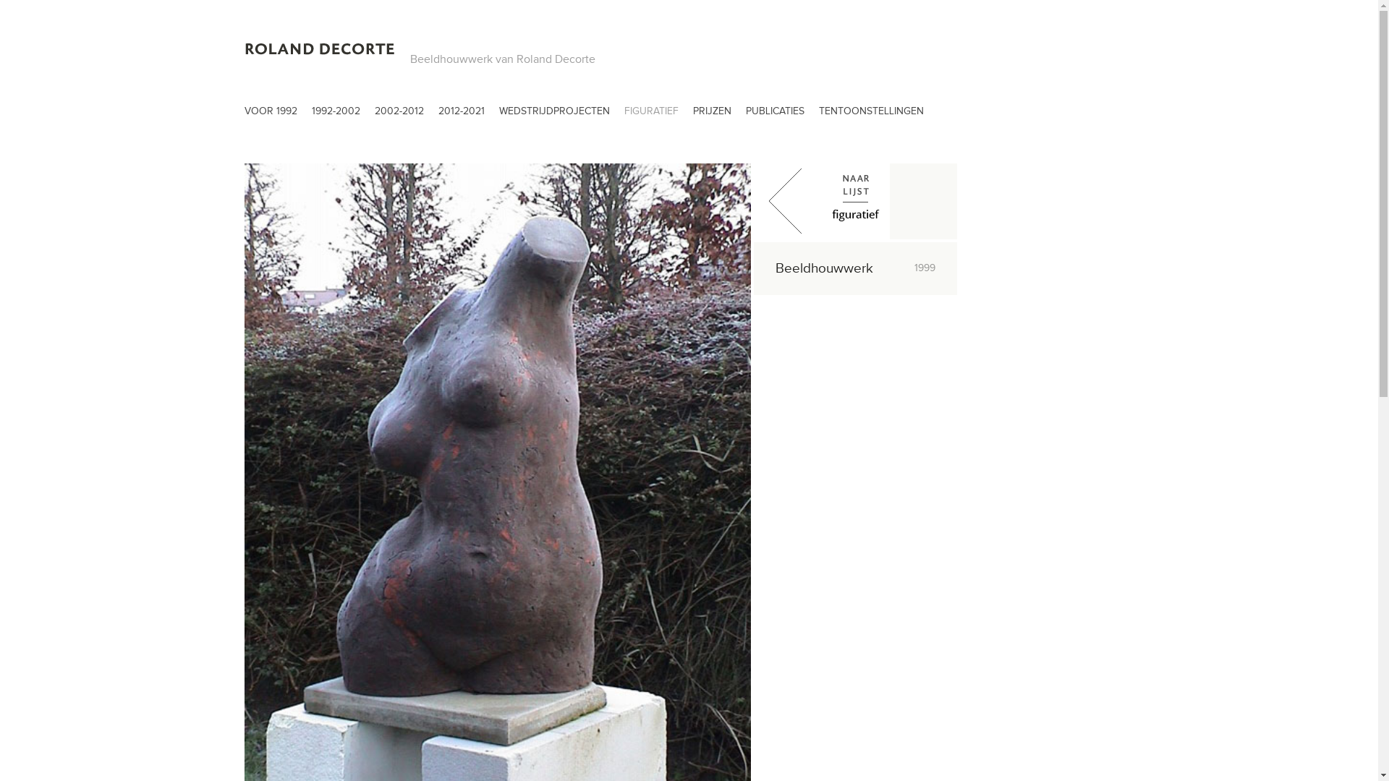 This screenshot has width=1389, height=781. What do you see at coordinates (553, 114) in the screenshot?
I see `'WEDSTRIJDPROJECTEN'` at bounding box center [553, 114].